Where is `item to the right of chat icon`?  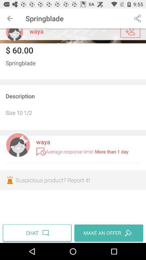 item to the right of chat icon is located at coordinates (108, 233).